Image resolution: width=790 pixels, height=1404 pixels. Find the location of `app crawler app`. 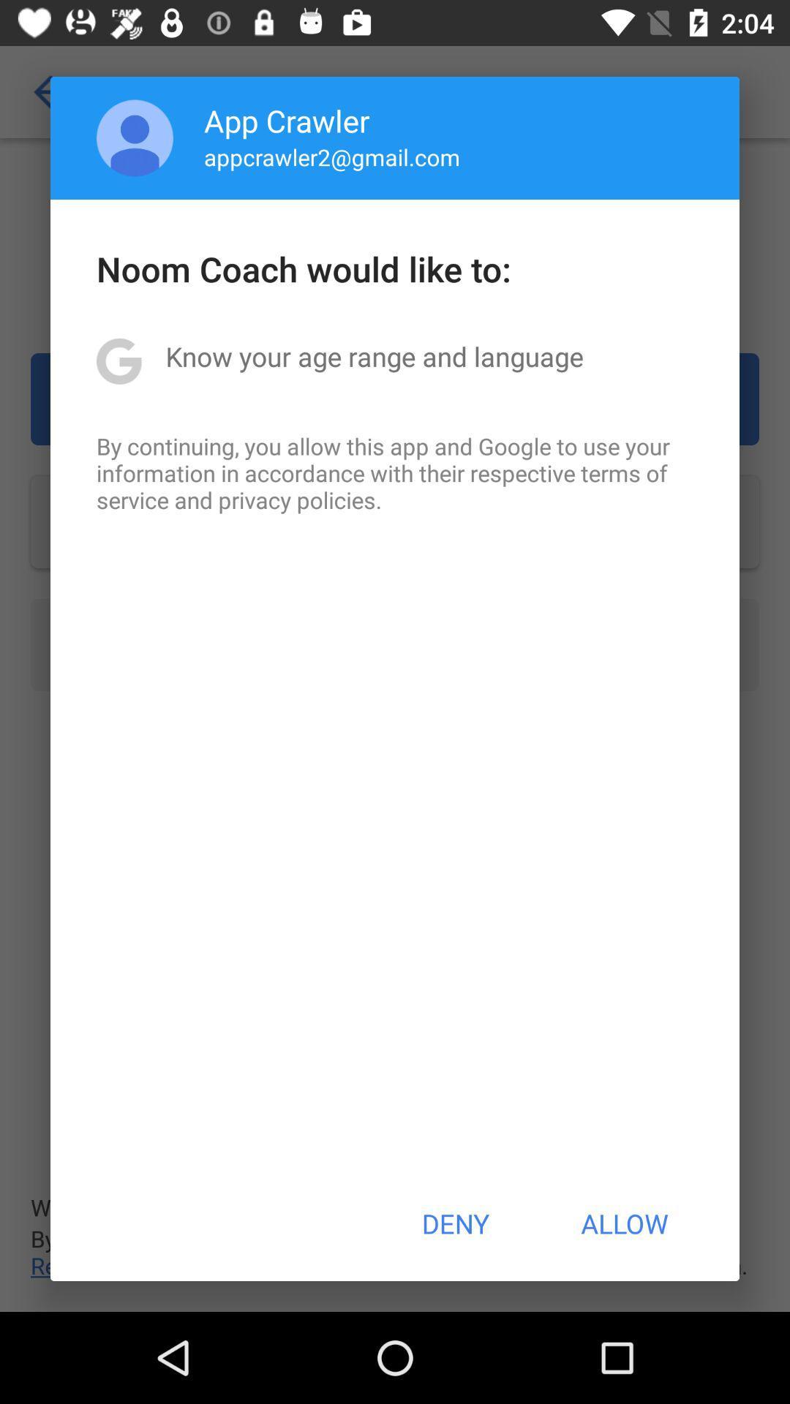

app crawler app is located at coordinates (287, 120).